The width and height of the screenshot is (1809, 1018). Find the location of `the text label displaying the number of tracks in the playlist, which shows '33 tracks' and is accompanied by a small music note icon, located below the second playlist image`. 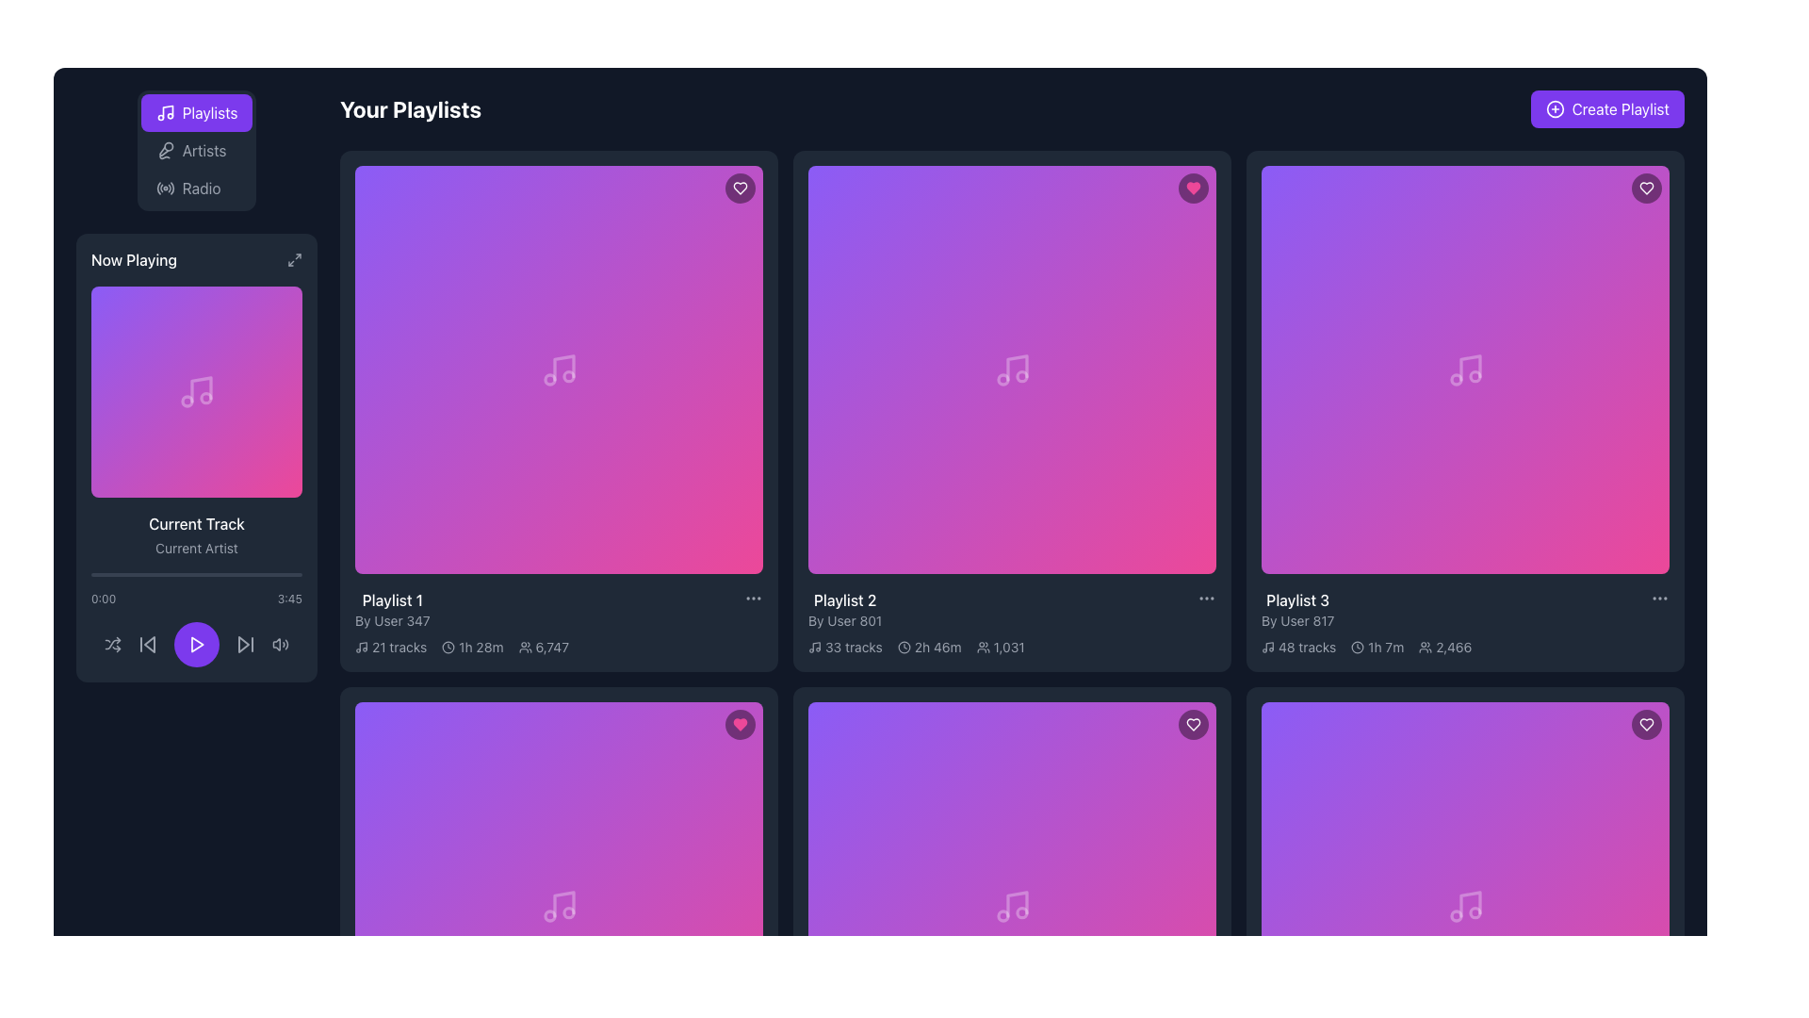

the text label displaying the number of tracks in the playlist, which shows '33 tracks' and is accompanied by a small music note icon, located below the second playlist image is located at coordinates (844, 646).